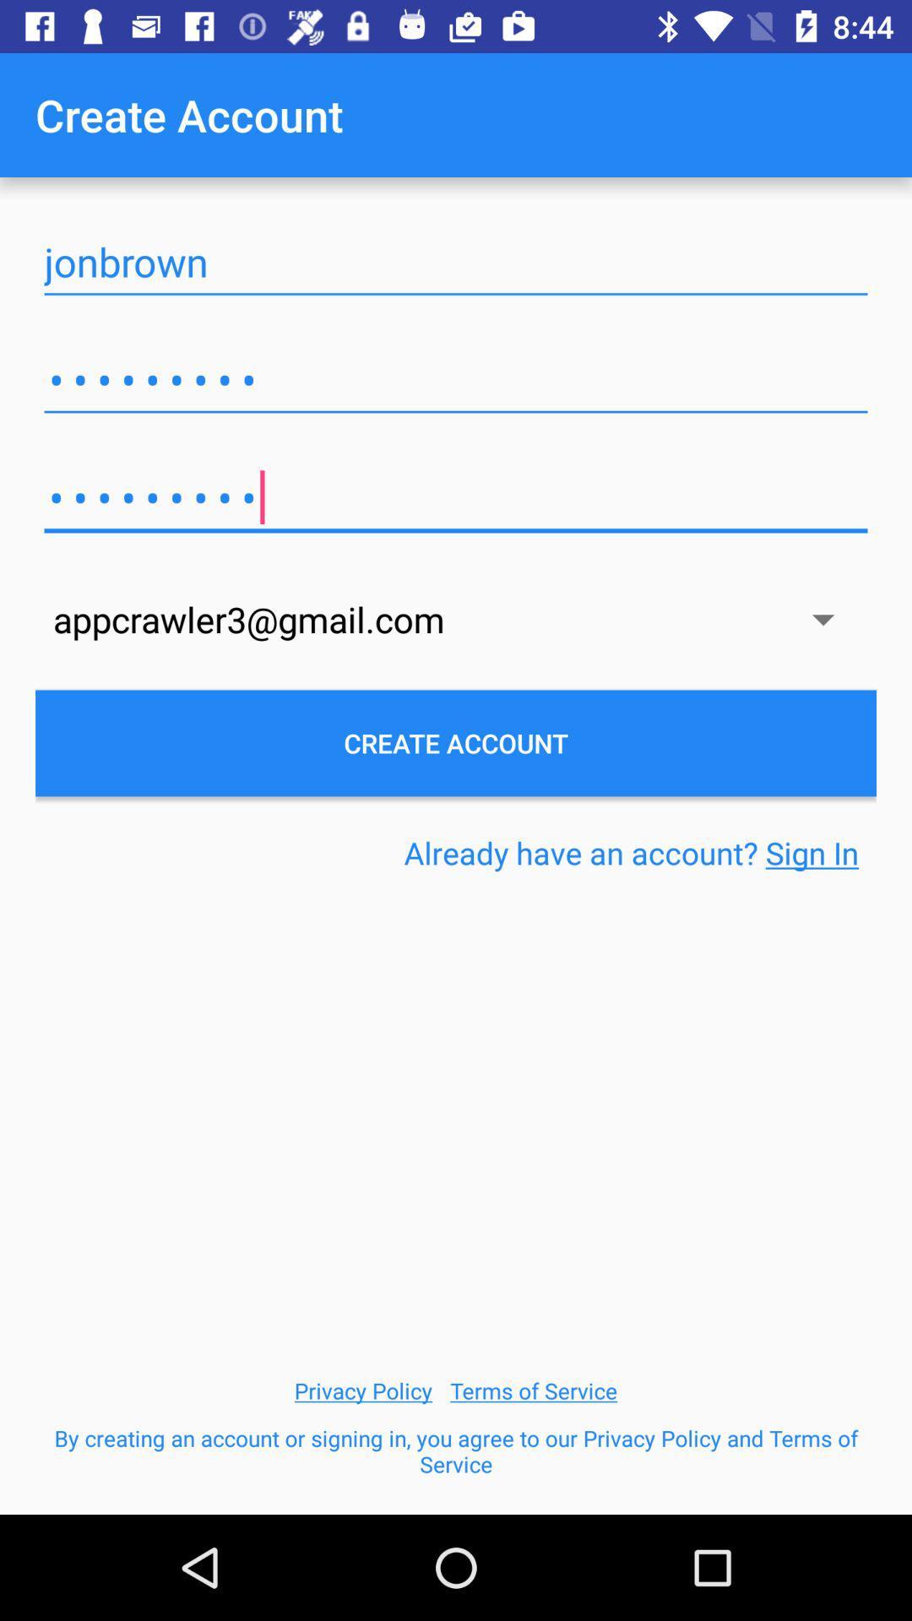 The image size is (912, 1621). I want to click on item below create account icon, so click(456, 262).